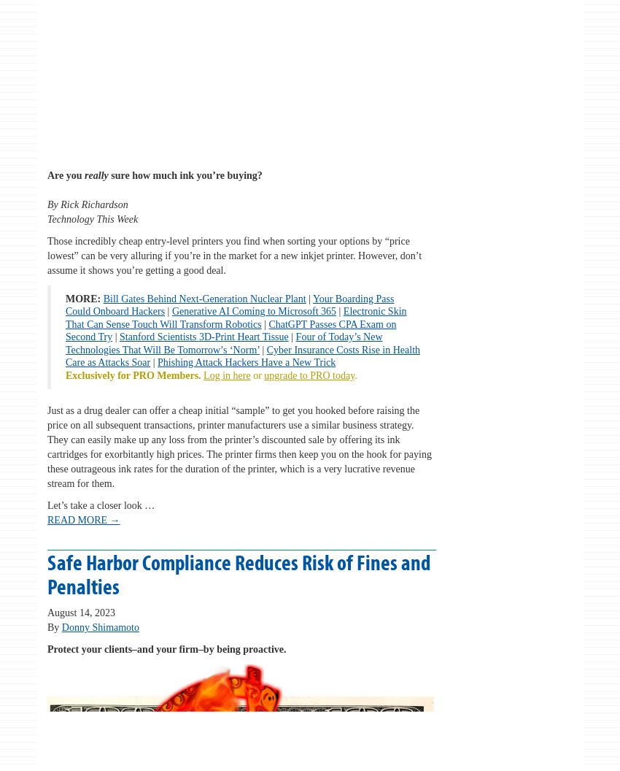  What do you see at coordinates (355, 374) in the screenshot?
I see `'.'` at bounding box center [355, 374].